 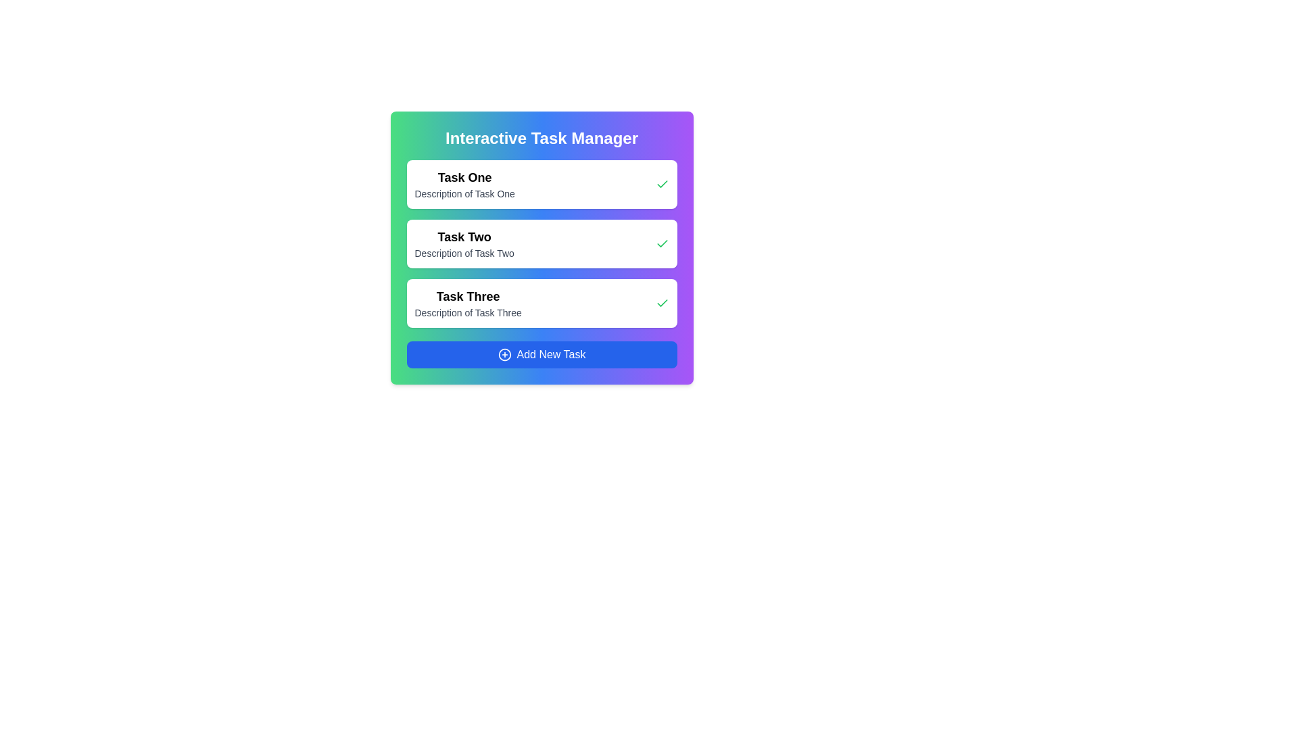 What do you see at coordinates (662, 302) in the screenshot?
I see `the Checkmark Icon, which indicates the completion of 'Task Three', positioned on the right side of its task box` at bounding box center [662, 302].